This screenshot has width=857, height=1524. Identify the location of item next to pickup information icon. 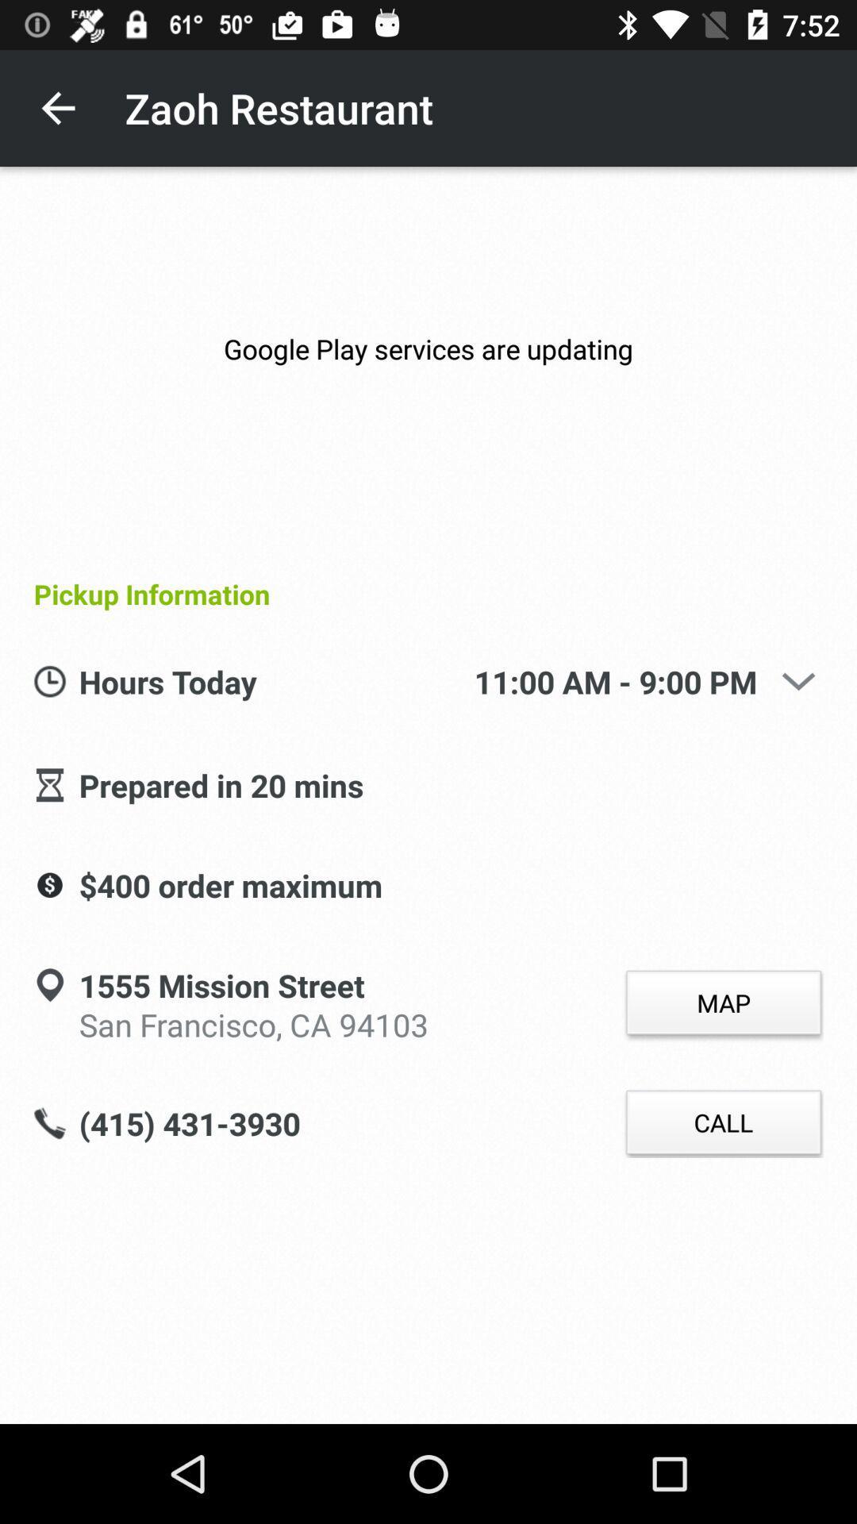
(817, 593).